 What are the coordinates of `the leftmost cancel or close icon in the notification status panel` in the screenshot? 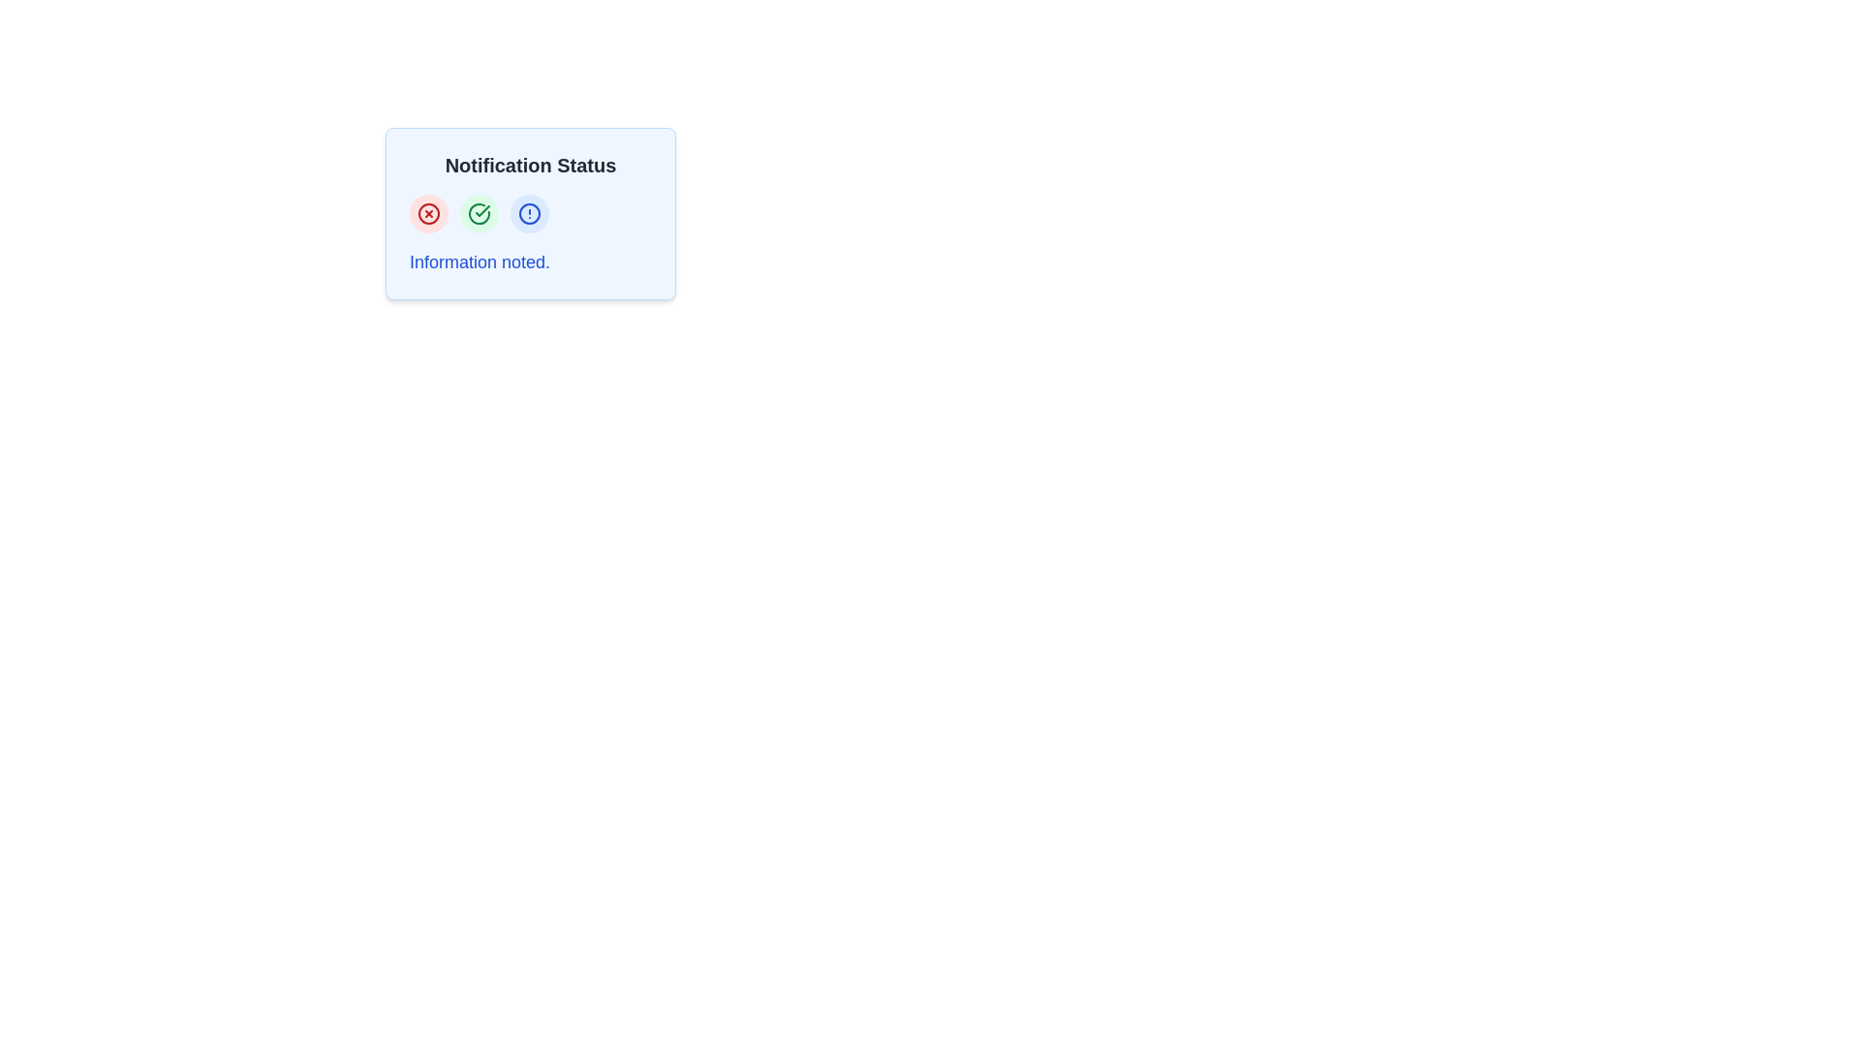 It's located at (427, 213).